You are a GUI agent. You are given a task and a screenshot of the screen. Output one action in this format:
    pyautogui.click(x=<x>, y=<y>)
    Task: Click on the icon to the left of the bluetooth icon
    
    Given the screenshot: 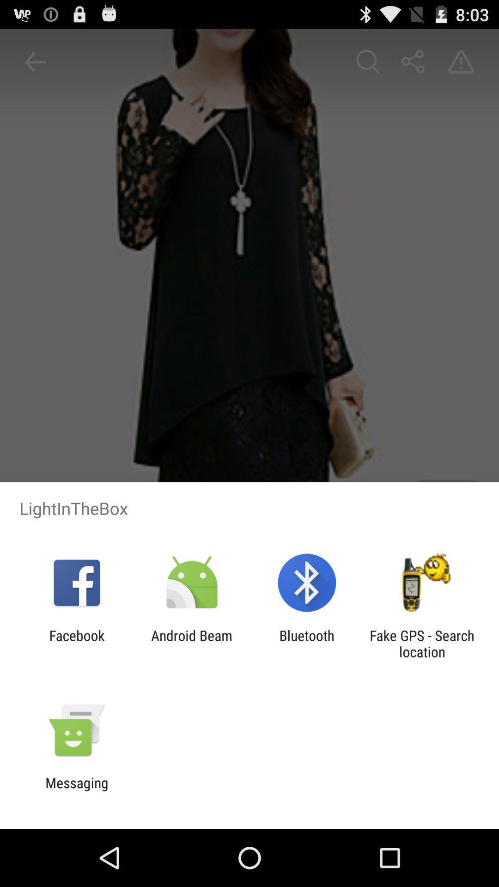 What is the action you would take?
    pyautogui.click(x=191, y=643)
    